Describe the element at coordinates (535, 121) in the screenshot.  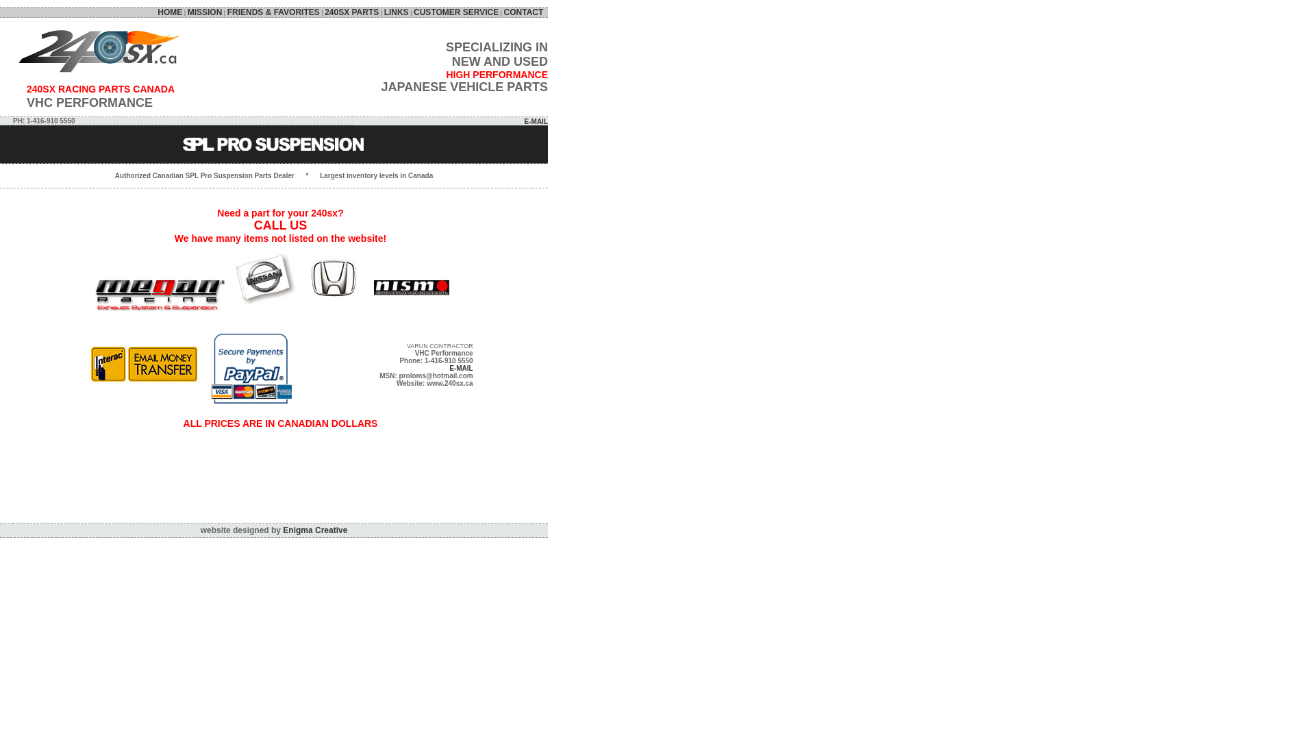
I see `'E-MAIL'` at that location.